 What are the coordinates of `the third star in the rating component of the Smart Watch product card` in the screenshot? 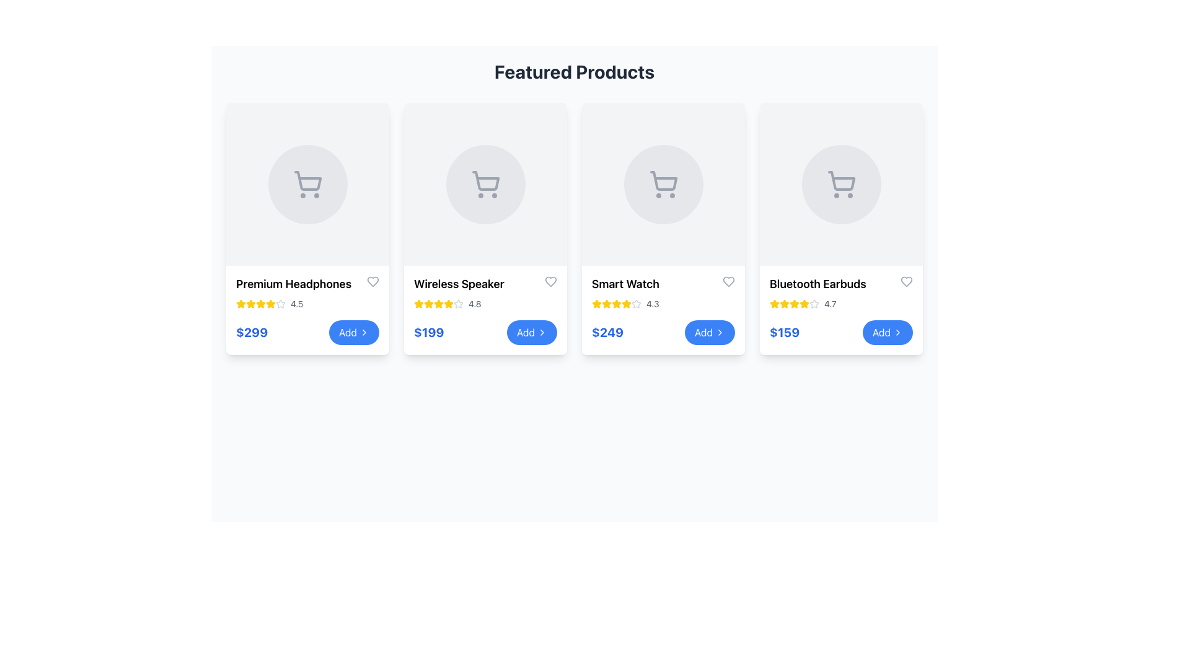 It's located at (625, 303).